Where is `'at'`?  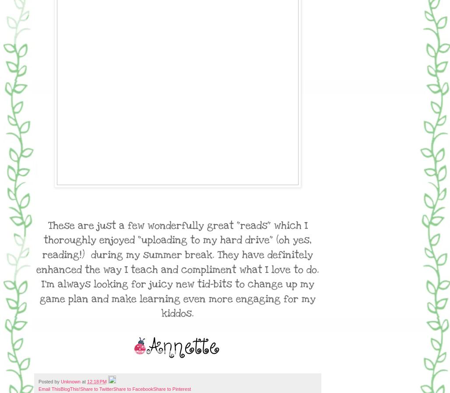
'at' is located at coordinates (81, 381).